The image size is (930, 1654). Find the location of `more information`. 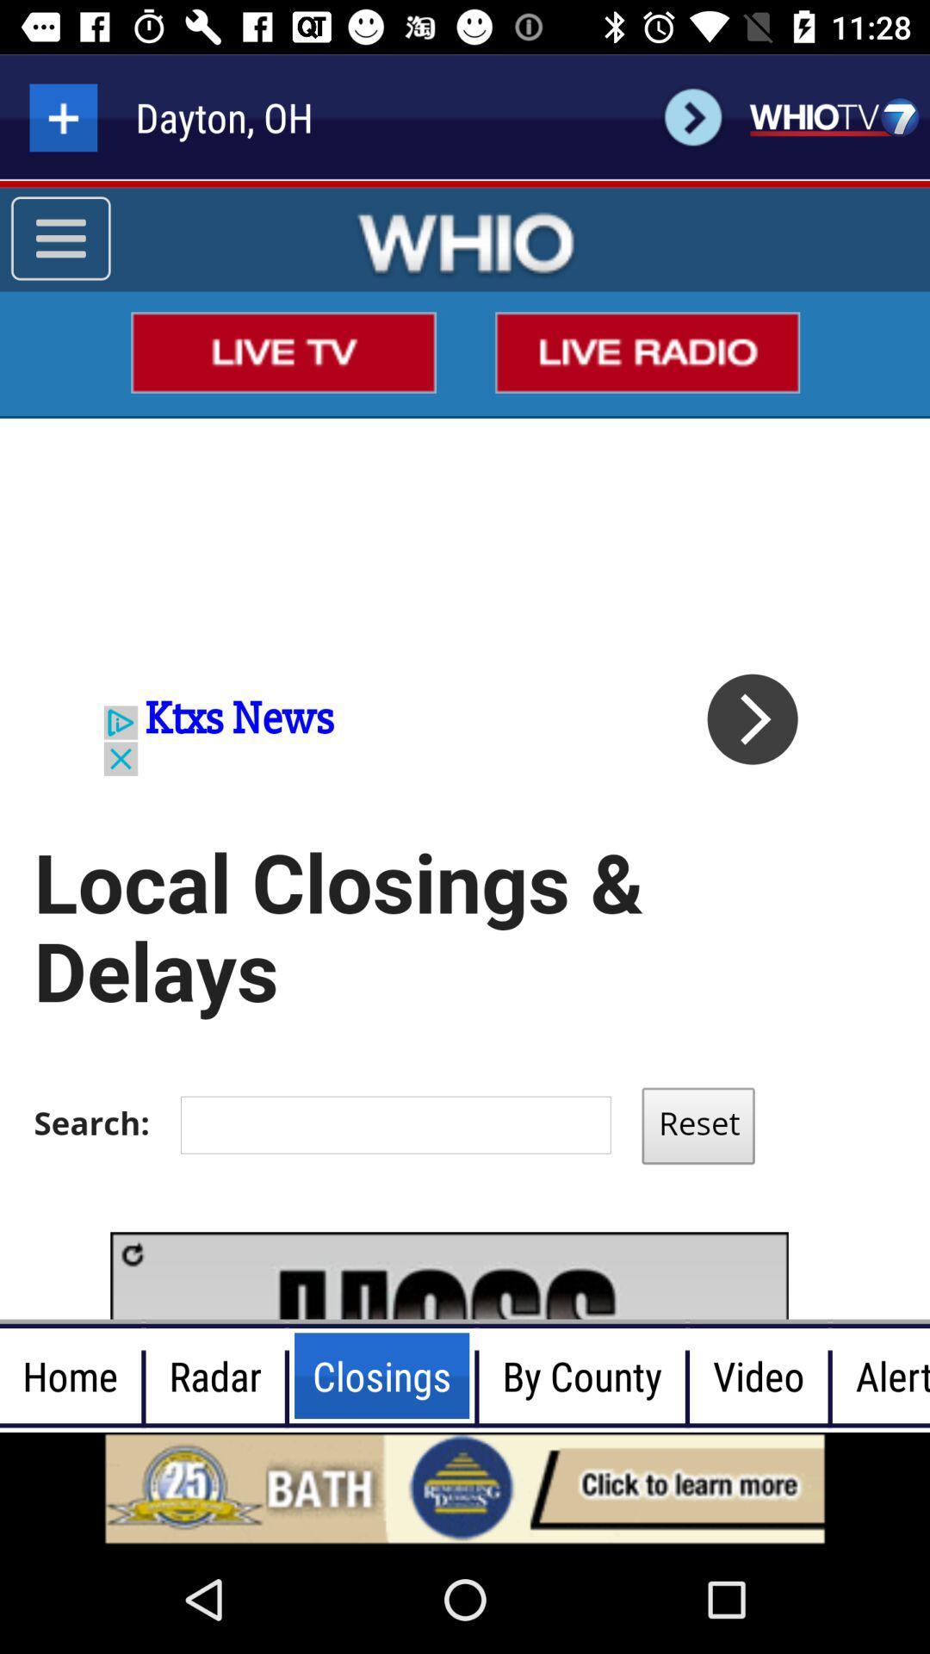

more information is located at coordinates (62, 116).